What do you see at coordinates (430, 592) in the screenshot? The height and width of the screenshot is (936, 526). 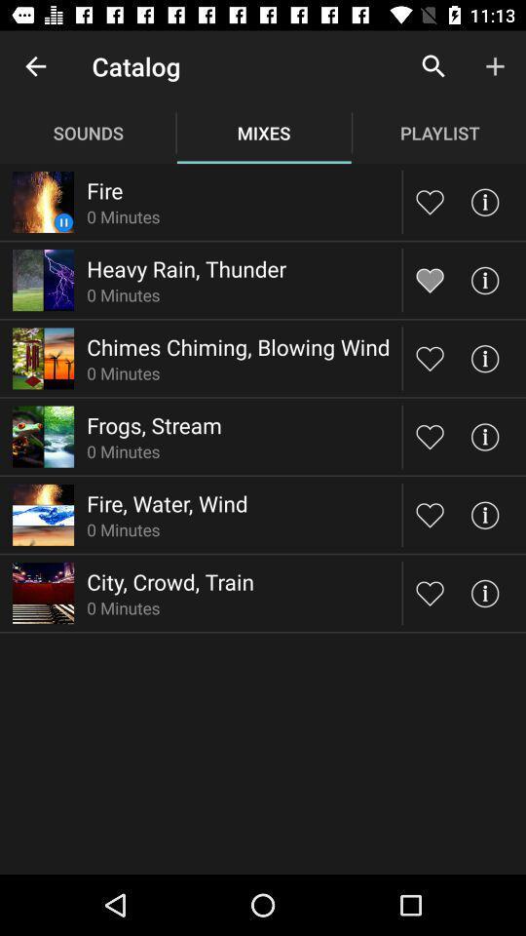 I see `to favorite` at bounding box center [430, 592].